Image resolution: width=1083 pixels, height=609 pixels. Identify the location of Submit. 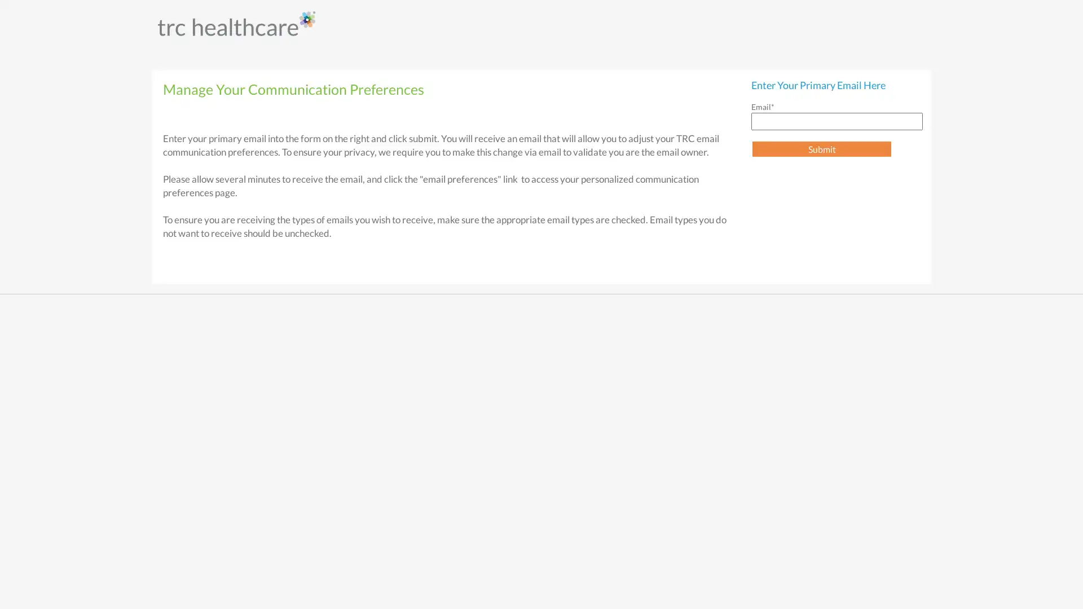
(822, 148).